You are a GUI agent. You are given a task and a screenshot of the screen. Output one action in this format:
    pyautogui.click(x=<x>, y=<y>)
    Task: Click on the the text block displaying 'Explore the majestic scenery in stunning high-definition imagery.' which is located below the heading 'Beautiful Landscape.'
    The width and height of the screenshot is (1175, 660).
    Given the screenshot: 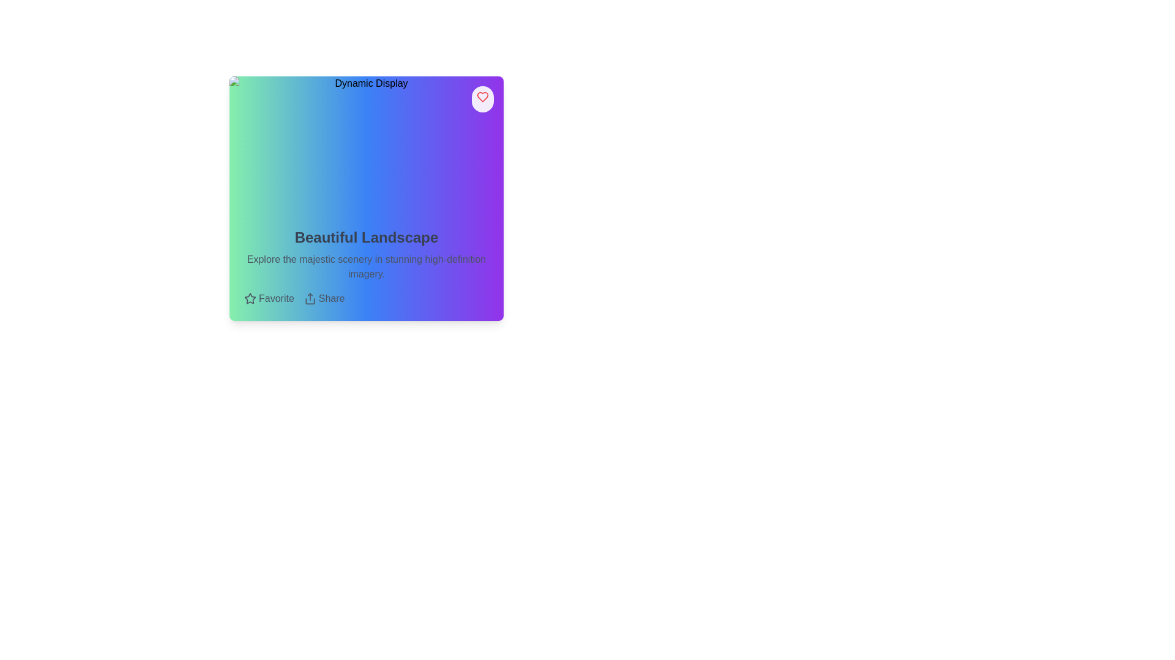 What is the action you would take?
    pyautogui.click(x=366, y=266)
    